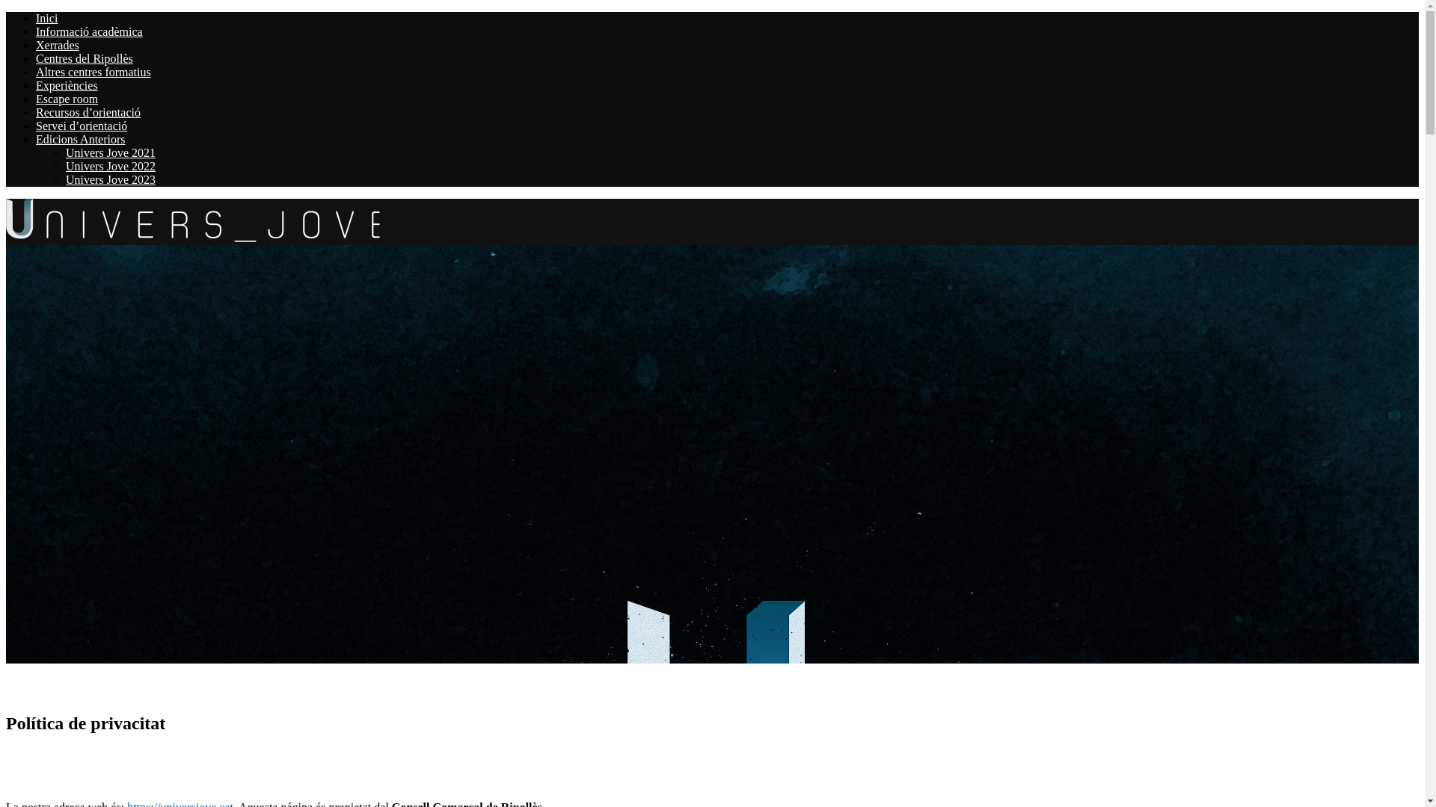 The height and width of the screenshot is (807, 1436). Describe the element at coordinates (36, 99) in the screenshot. I see `'Escape room'` at that location.